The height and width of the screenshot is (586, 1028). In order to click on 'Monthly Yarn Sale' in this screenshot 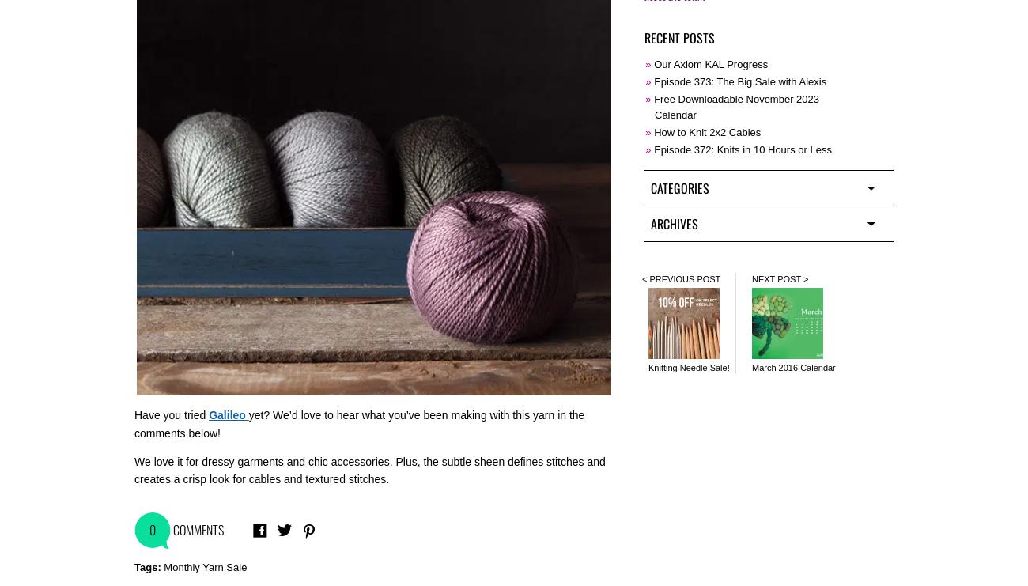, I will do `click(204, 566)`.